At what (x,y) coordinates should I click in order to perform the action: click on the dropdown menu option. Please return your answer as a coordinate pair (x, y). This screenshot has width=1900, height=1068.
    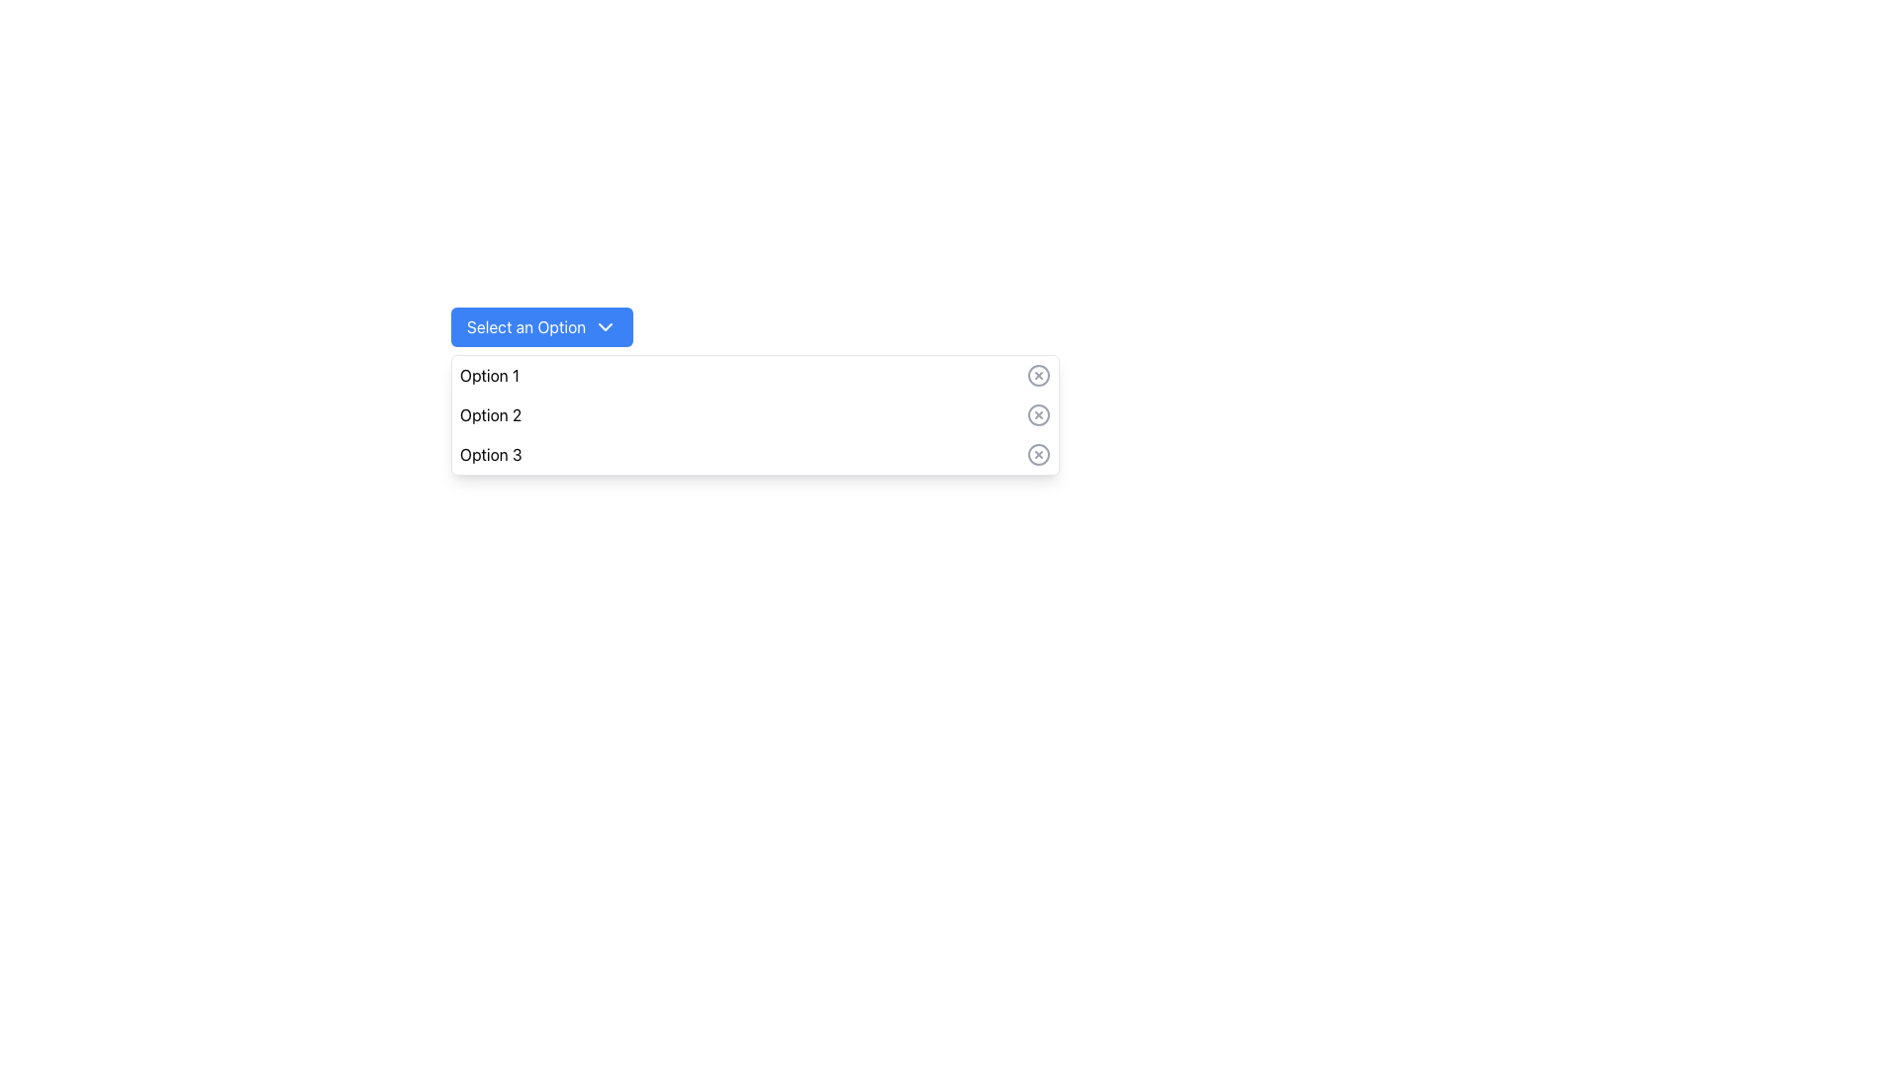
    Looking at the image, I should click on (754, 414).